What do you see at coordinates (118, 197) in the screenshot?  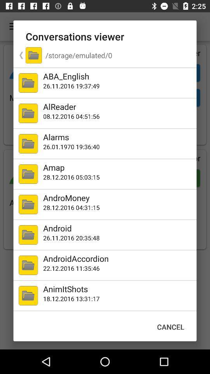 I see `the andromoney icon` at bounding box center [118, 197].